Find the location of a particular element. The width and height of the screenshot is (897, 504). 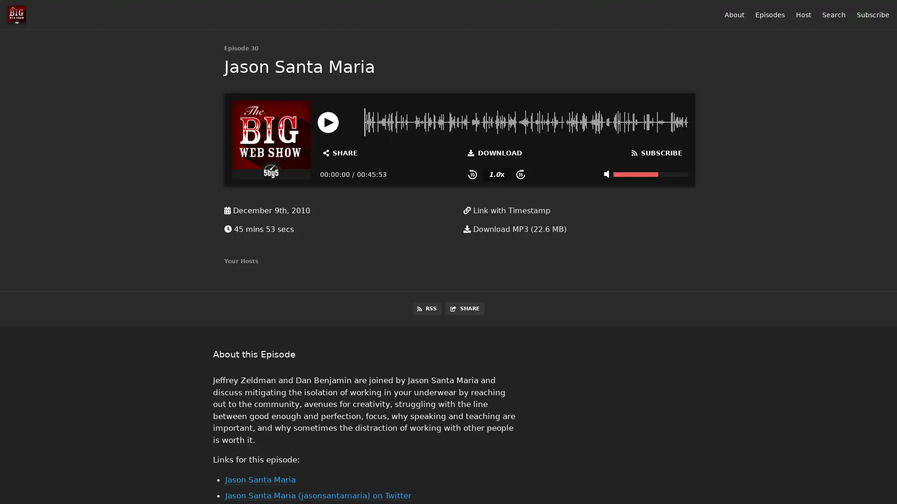

Play or Pause is located at coordinates (328, 121).